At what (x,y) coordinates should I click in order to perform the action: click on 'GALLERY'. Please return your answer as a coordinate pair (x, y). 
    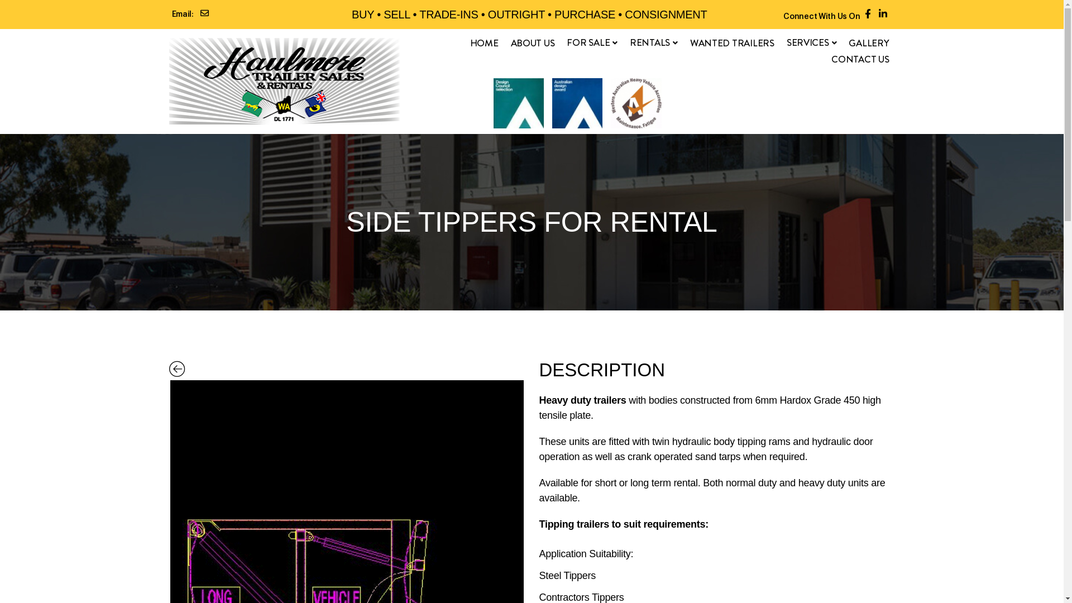
    Looking at the image, I should click on (849, 42).